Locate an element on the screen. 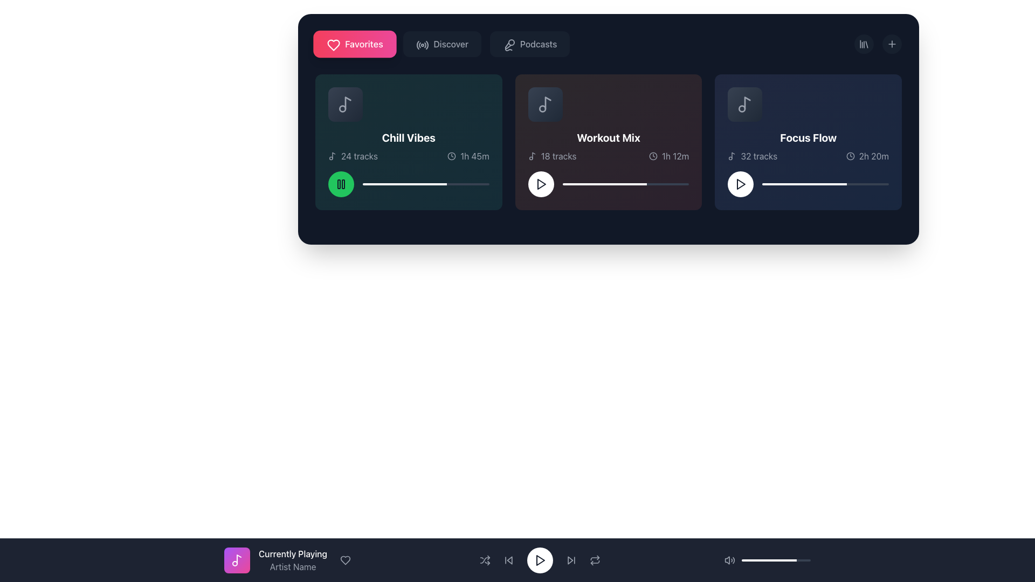 This screenshot has width=1035, height=582. the Graphical Icon with a circular gradient background and a music note icon, located in the second position from the left under the 'Workout Mix' section is located at coordinates (545, 104).